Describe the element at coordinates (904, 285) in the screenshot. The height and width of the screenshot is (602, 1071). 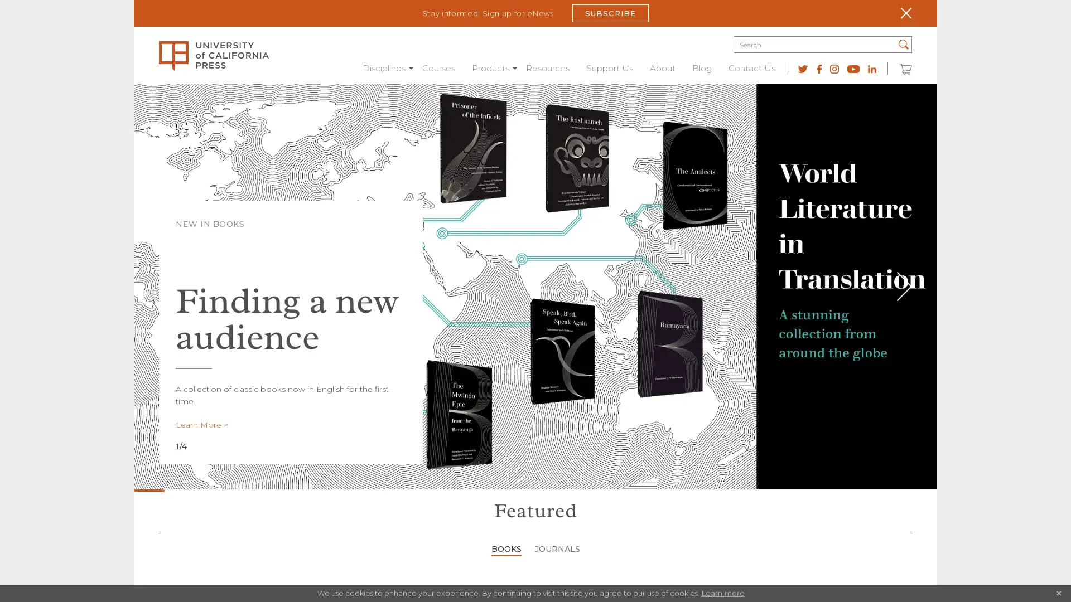
I see `Next` at that location.